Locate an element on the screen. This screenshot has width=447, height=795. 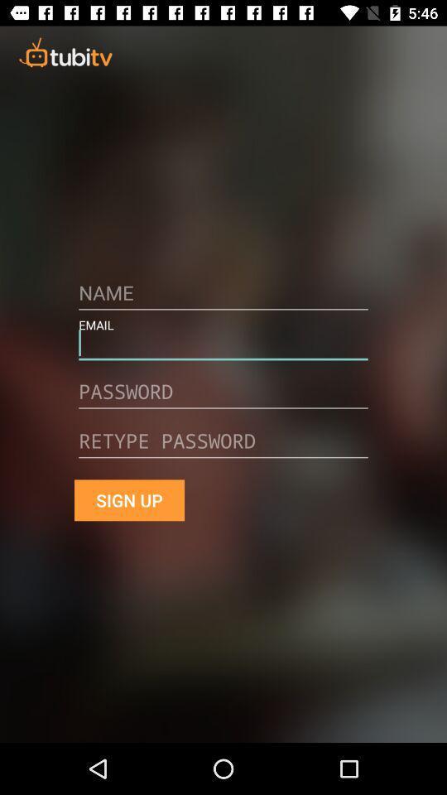
put email is located at coordinates (223, 349).